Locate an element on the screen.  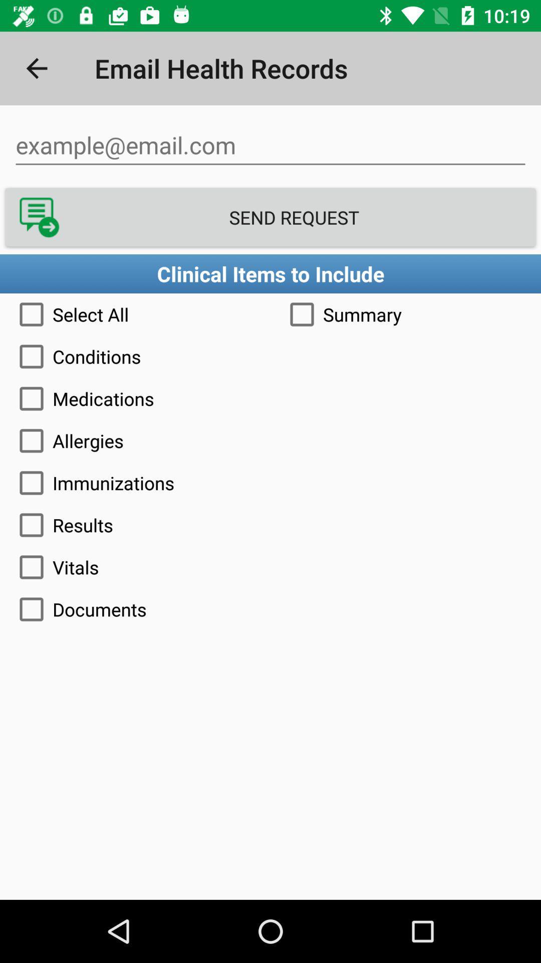
item below the vitals item is located at coordinates (270, 608).